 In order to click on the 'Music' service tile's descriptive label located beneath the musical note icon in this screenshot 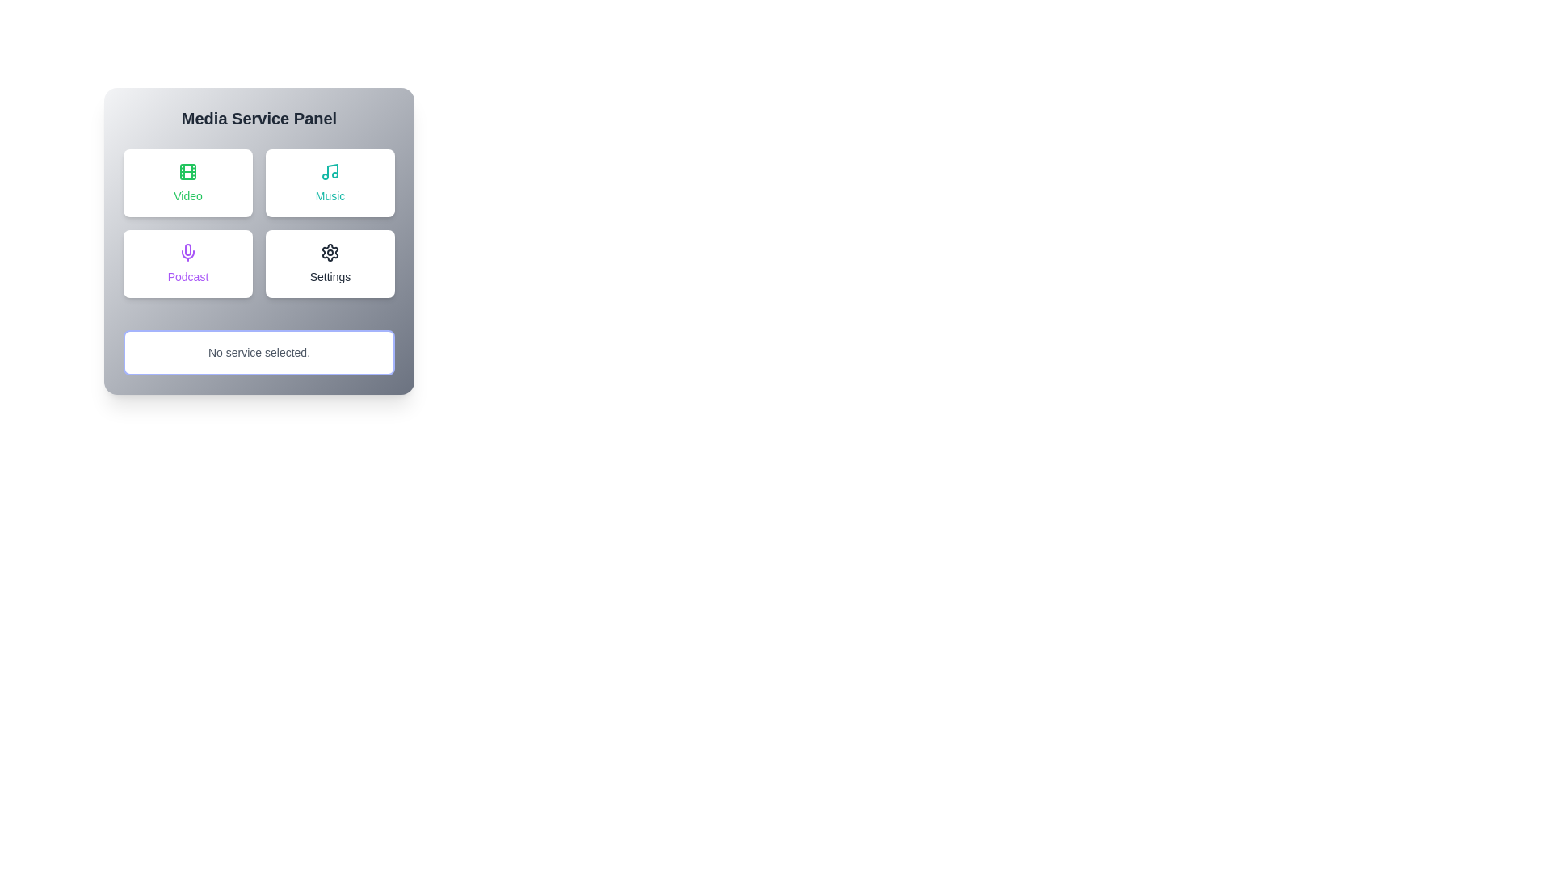, I will do `click(329, 195)`.